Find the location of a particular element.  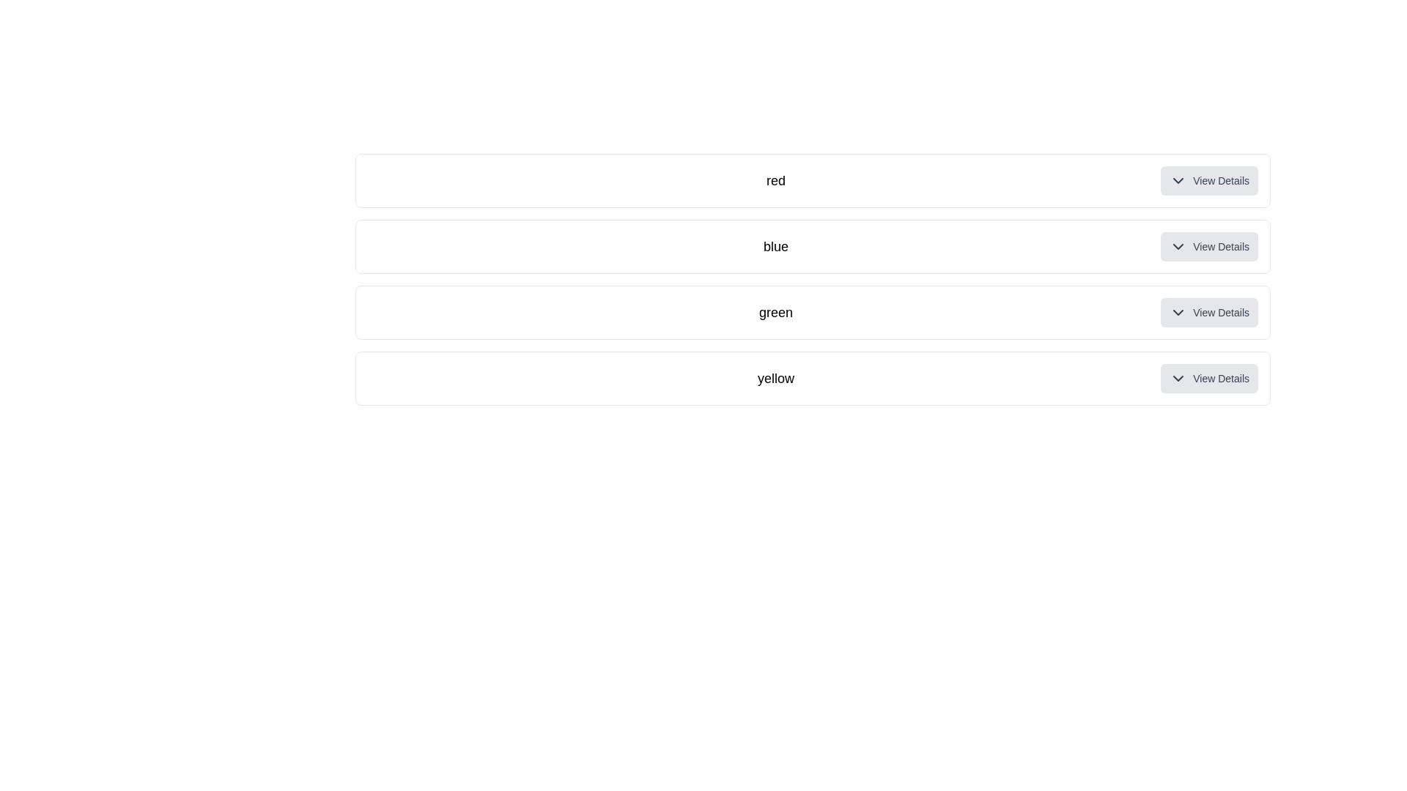

the 'View Details' button with a gray background and a chevron-down icon, located in the row labeled 'green' and positioned on the right side is located at coordinates (1209, 312).